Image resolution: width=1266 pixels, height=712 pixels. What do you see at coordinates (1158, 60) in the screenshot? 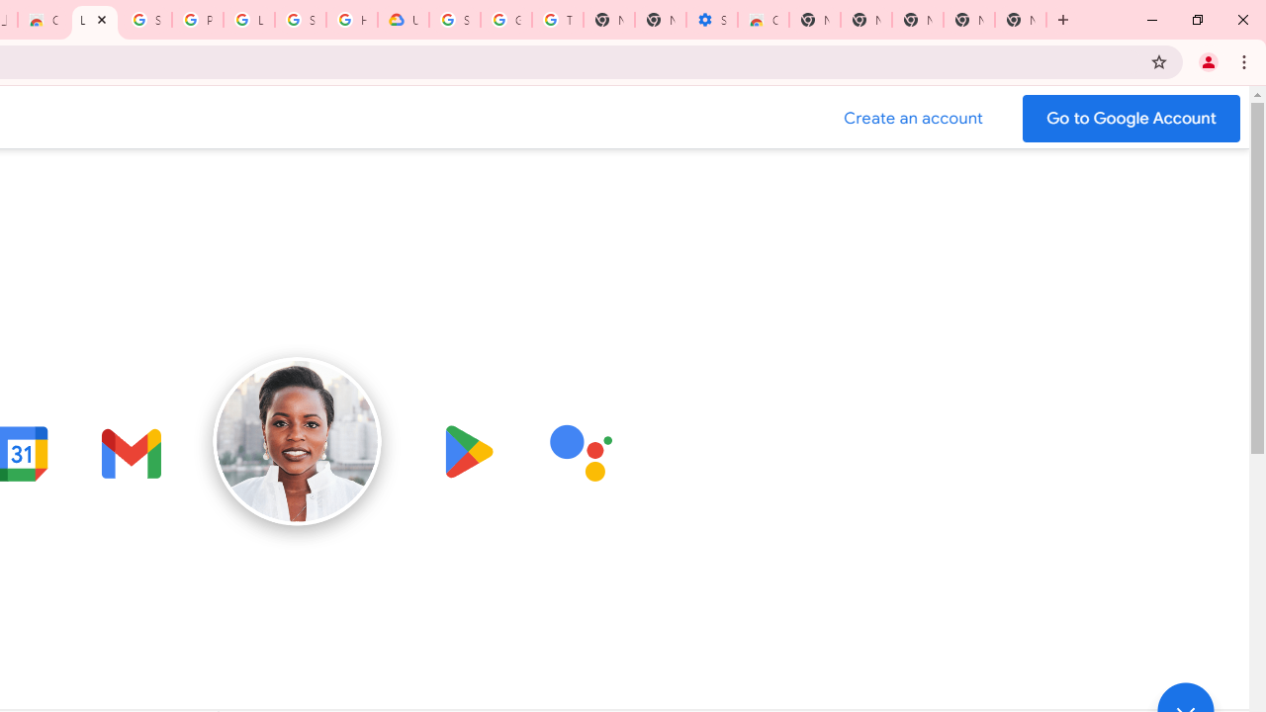
I see `'Bookmark this tab'` at bounding box center [1158, 60].